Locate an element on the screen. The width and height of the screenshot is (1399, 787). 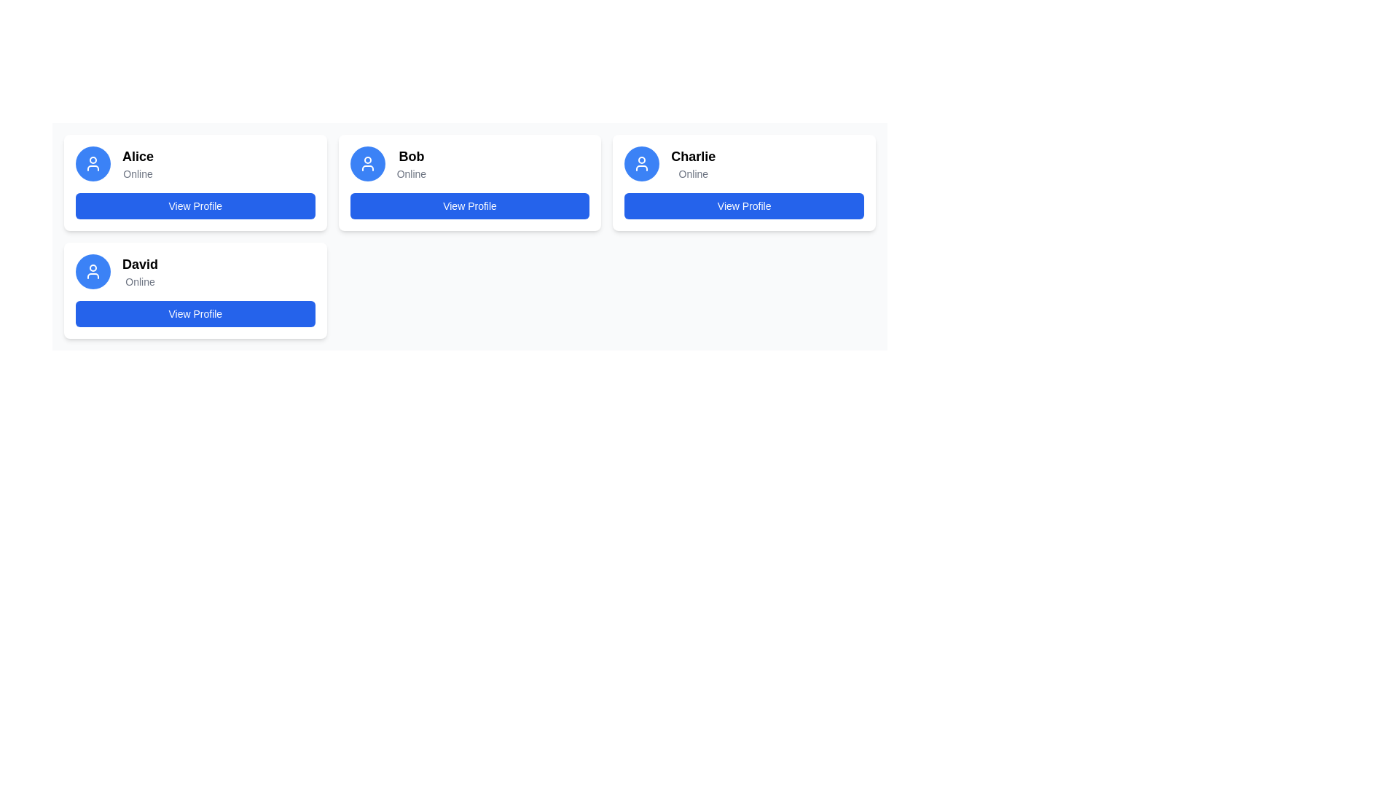
displayed name 'Bob' and status 'Online' from the compound UI component consisting of two text elements, which is located at the top right of a grid layout is located at coordinates (410, 163).